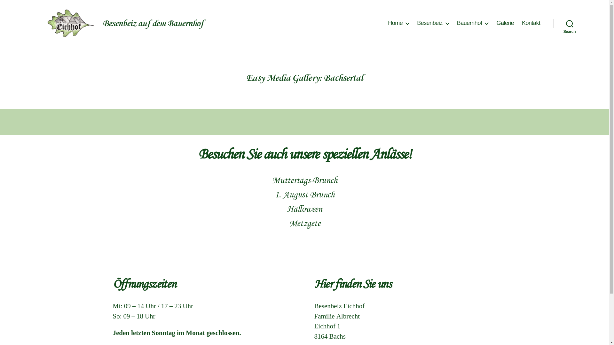 The image size is (614, 345). Describe the element at coordinates (398, 23) in the screenshot. I see `'Home'` at that location.